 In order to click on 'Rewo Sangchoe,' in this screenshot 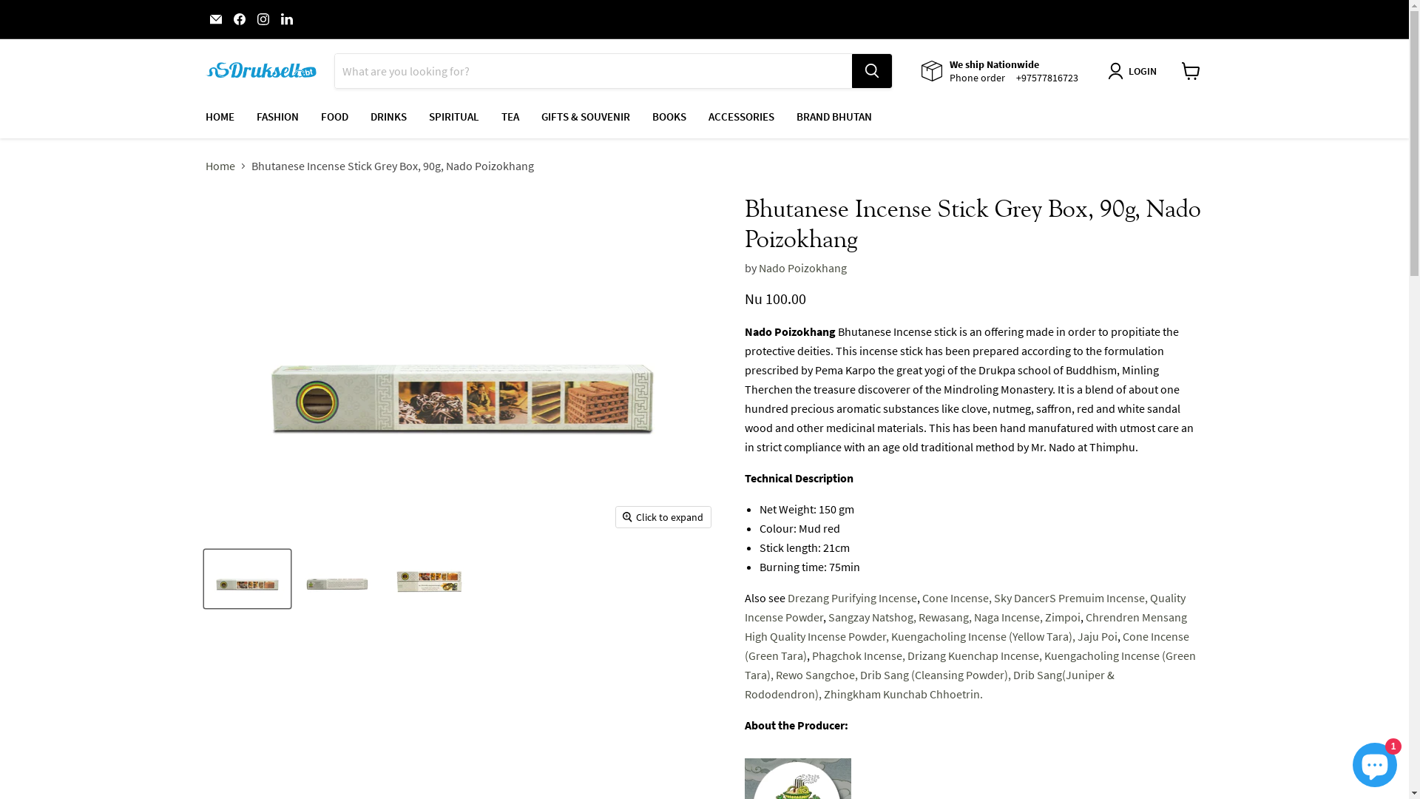, I will do `click(815, 674)`.